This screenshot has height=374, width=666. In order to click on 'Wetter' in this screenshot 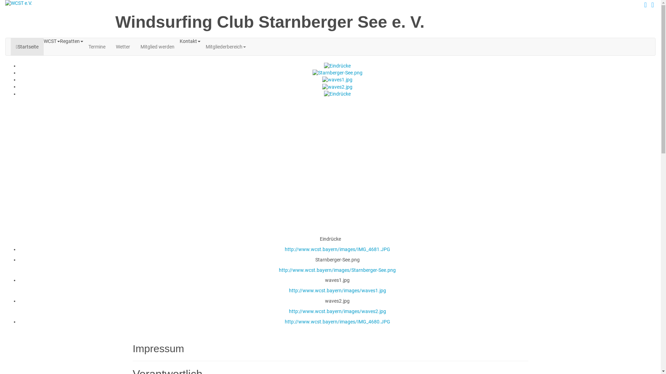, I will do `click(123, 47)`.